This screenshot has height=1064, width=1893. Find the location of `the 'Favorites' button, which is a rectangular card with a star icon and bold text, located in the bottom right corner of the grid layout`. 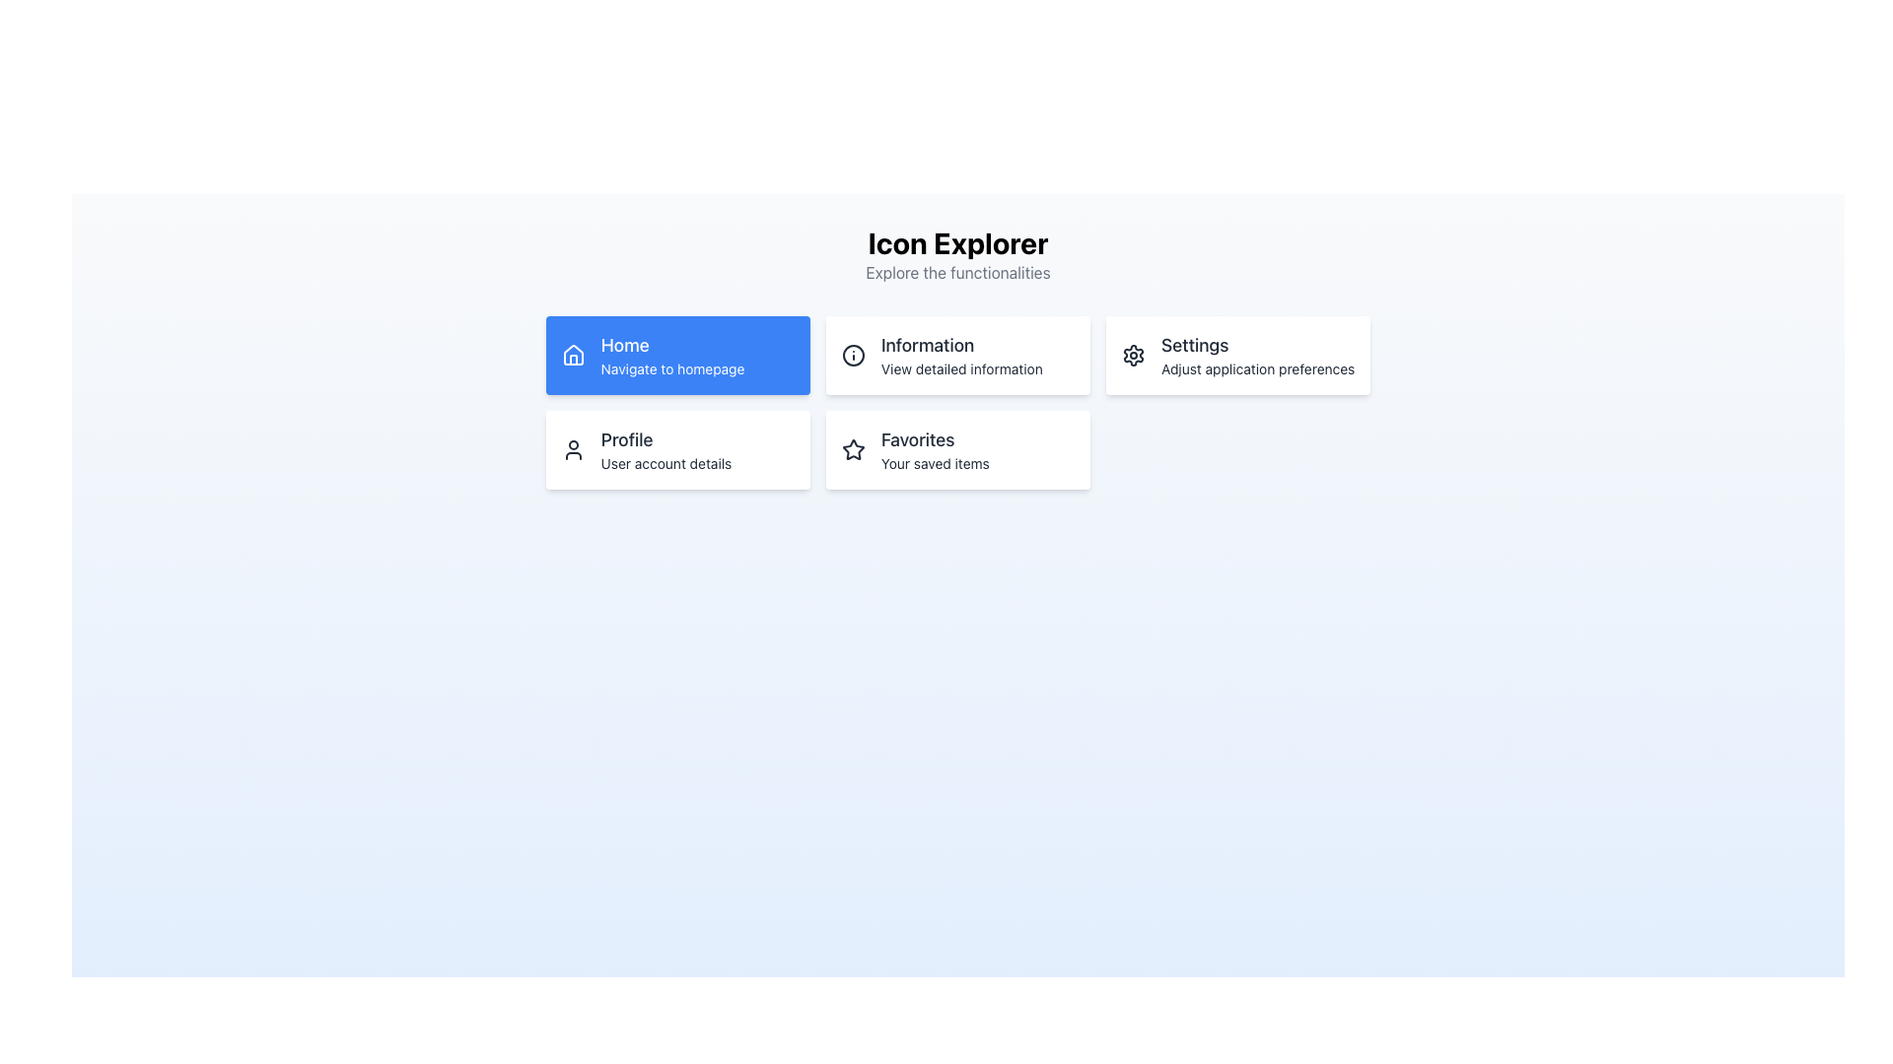

the 'Favorites' button, which is a rectangular card with a star icon and bold text, located in the bottom right corner of the grid layout is located at coordinates (957, 449).